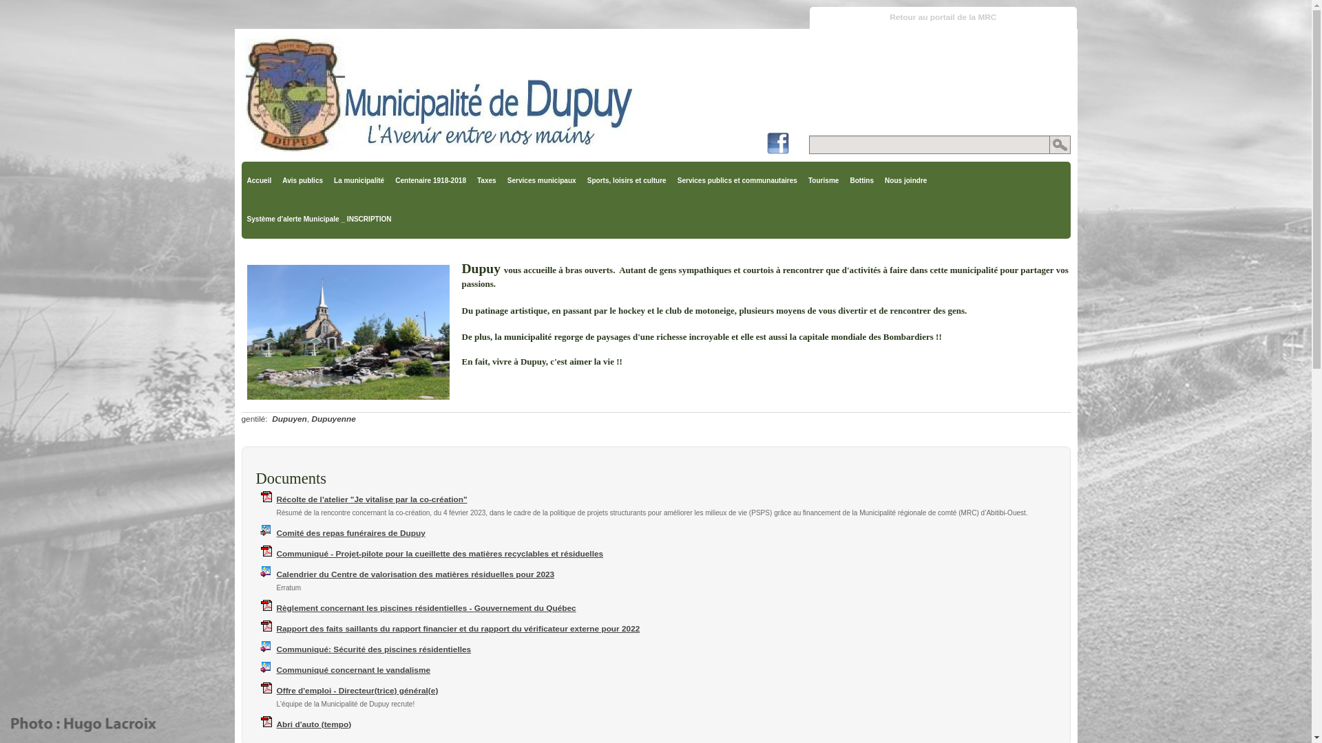  I want to click on 'Avis publics', so click(302, 180).